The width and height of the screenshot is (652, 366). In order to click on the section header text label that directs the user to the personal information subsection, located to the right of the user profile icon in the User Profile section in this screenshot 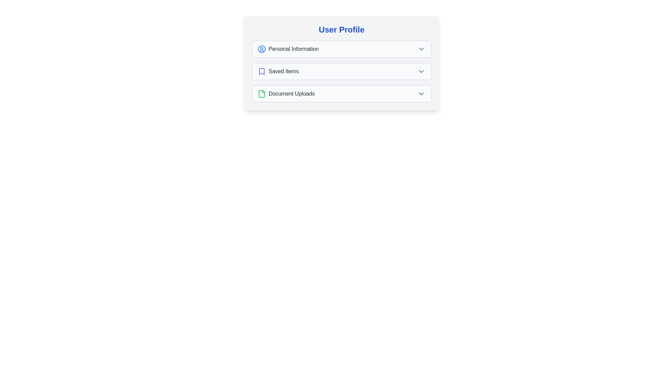, I will do `click(293, 49)`.